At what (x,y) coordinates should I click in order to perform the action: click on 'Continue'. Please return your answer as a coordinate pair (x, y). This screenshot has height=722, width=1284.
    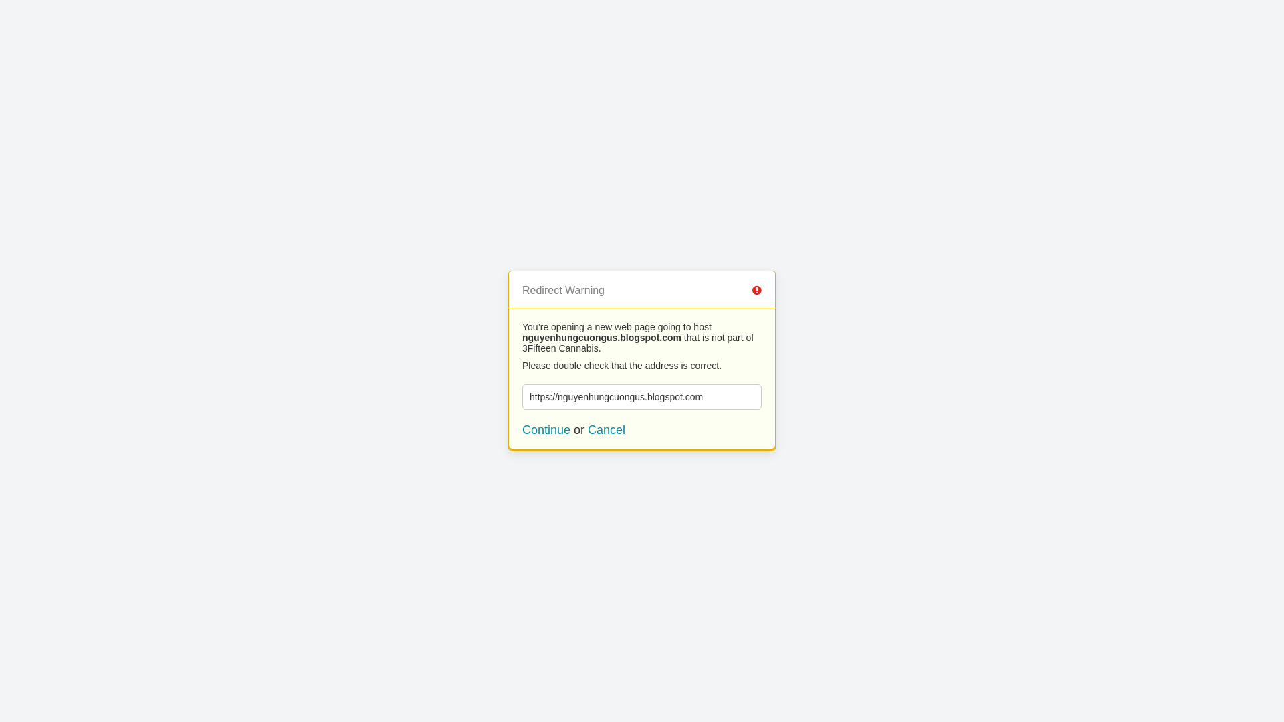
    Looking at the image, I should click on (546, 430).